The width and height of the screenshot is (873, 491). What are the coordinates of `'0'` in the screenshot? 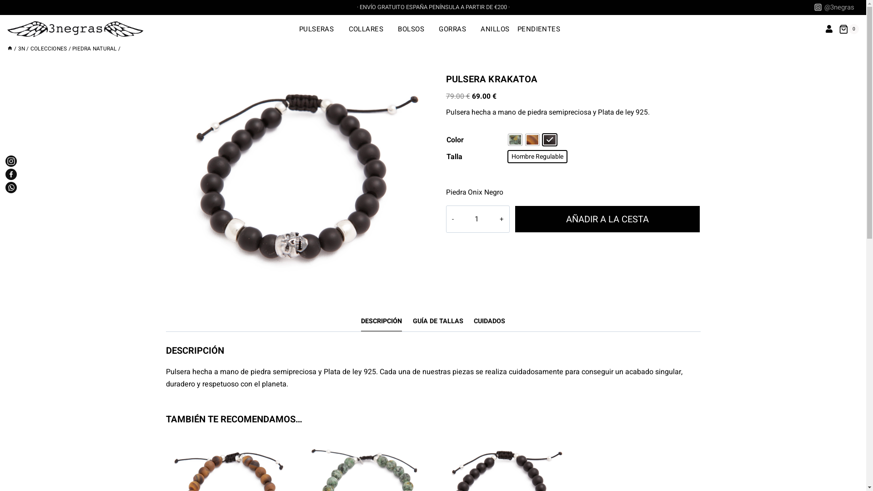 It's located at (848, 29).